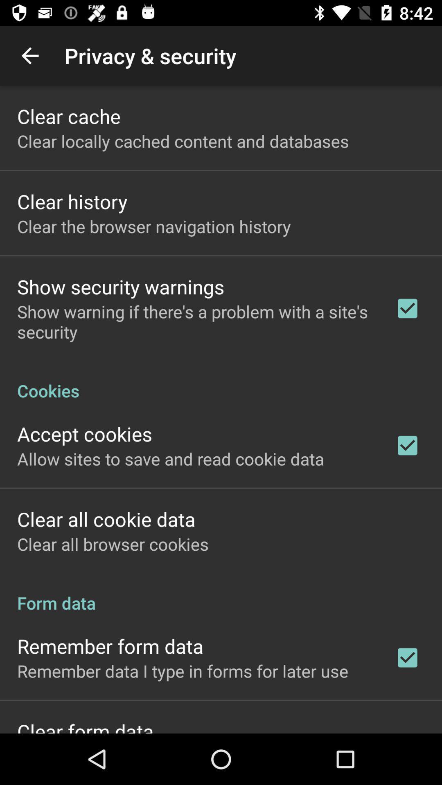 This screenshot has height=785, width=442. What do you see at coordinates (68, 116) in the screenshot?
I see `the clear cache` at bounding box center [68, 116].